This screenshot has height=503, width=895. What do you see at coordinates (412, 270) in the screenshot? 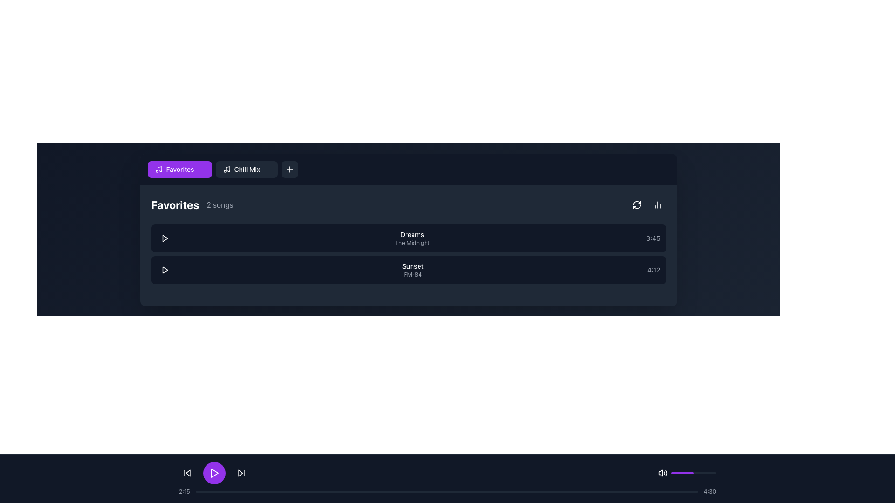
I see `the text label representing the media item titled 'Sunset' by 'FM-84' within the song list` at bounding box center [412, 270].